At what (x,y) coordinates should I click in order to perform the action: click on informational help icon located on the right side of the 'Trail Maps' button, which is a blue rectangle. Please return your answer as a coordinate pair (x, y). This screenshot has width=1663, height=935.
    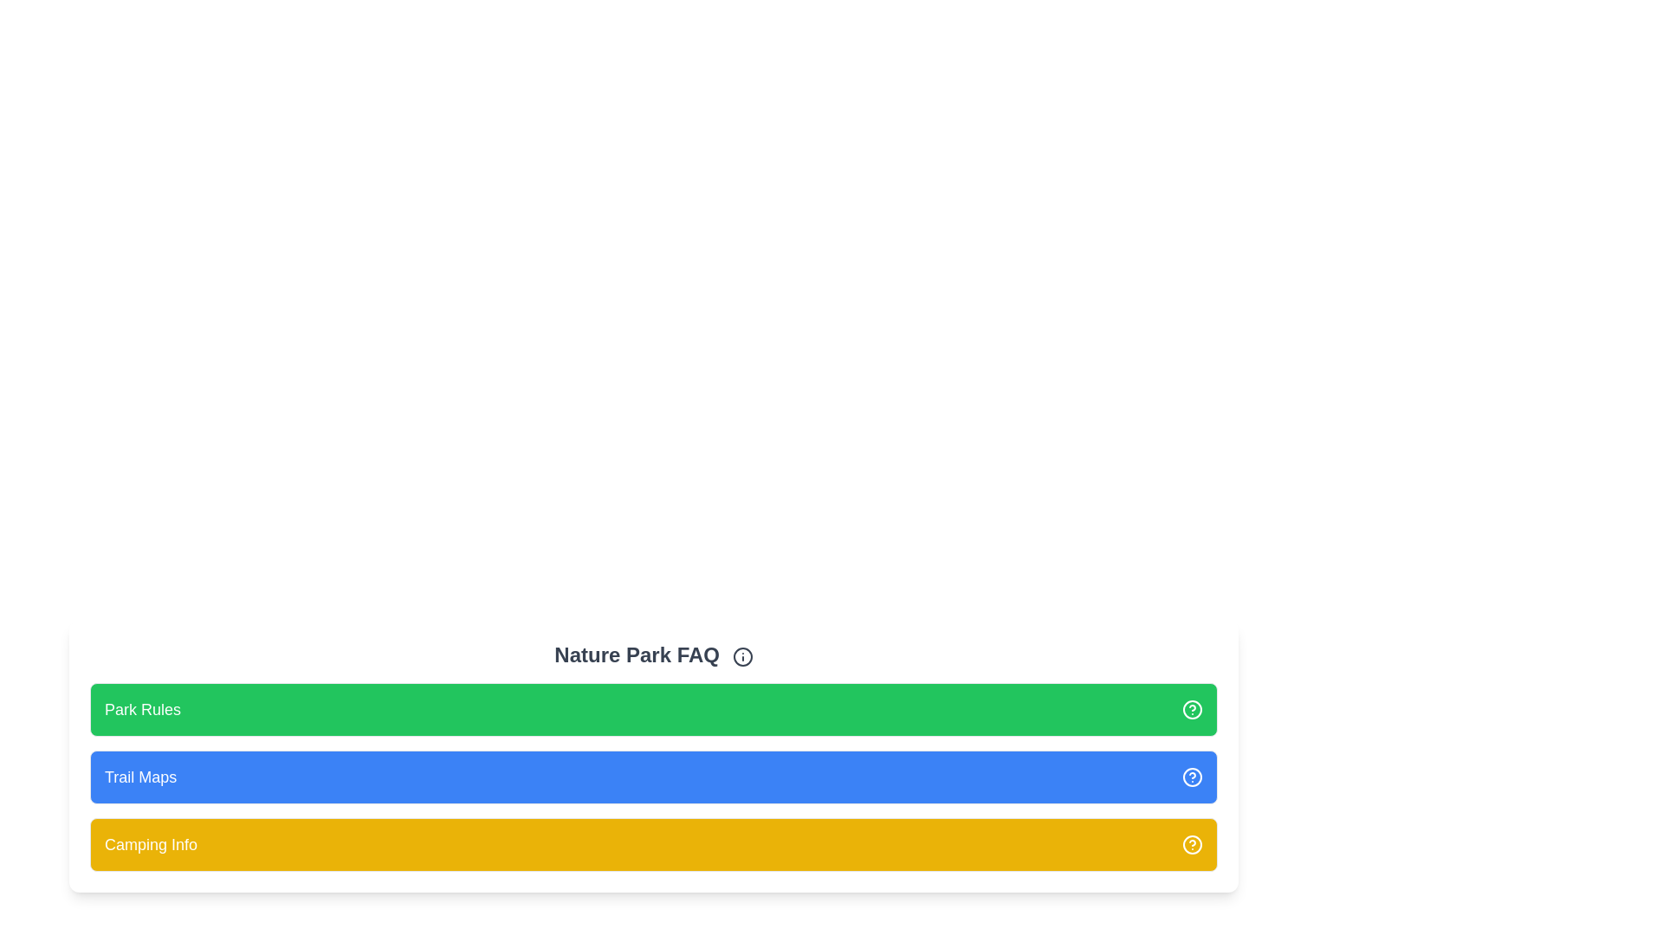
    Looking at the image, I should click on (1192, 777).